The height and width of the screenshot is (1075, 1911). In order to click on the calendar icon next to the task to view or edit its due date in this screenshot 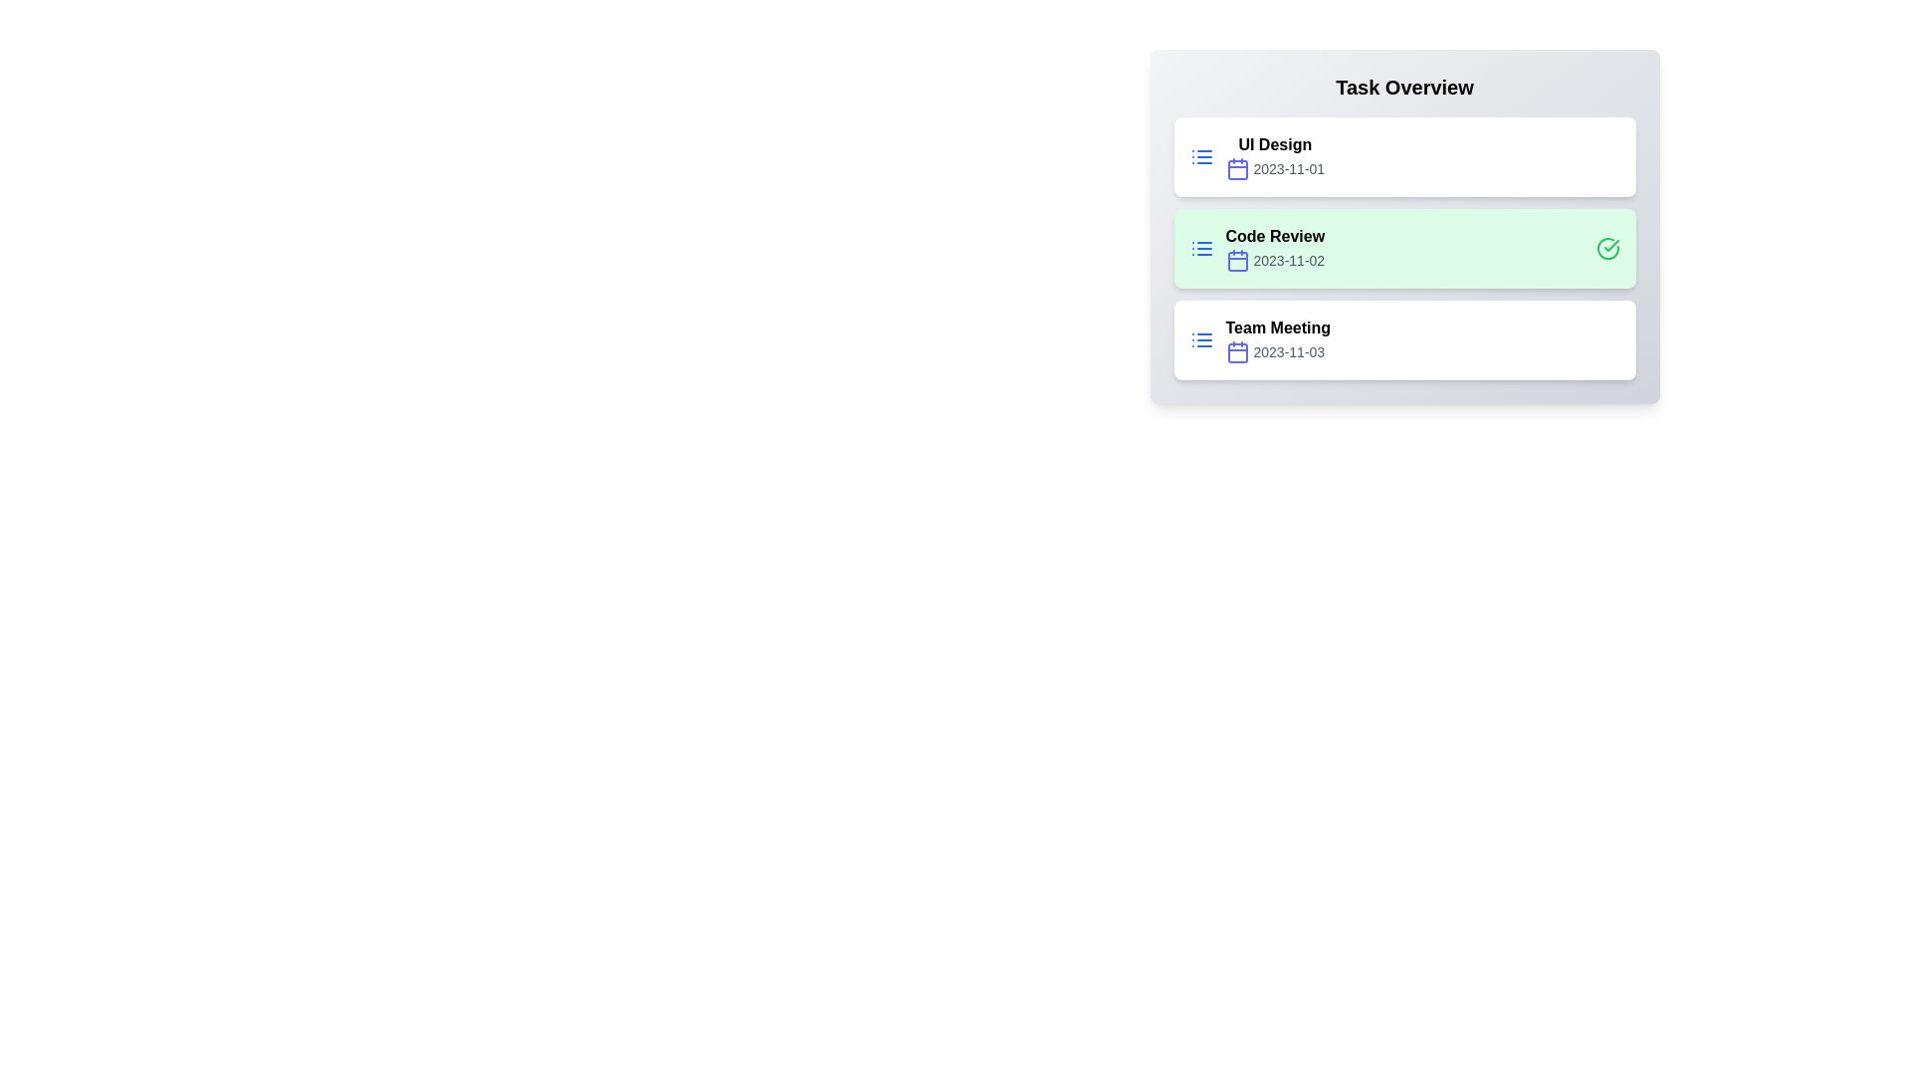, I will do `click(1236, 167)`.